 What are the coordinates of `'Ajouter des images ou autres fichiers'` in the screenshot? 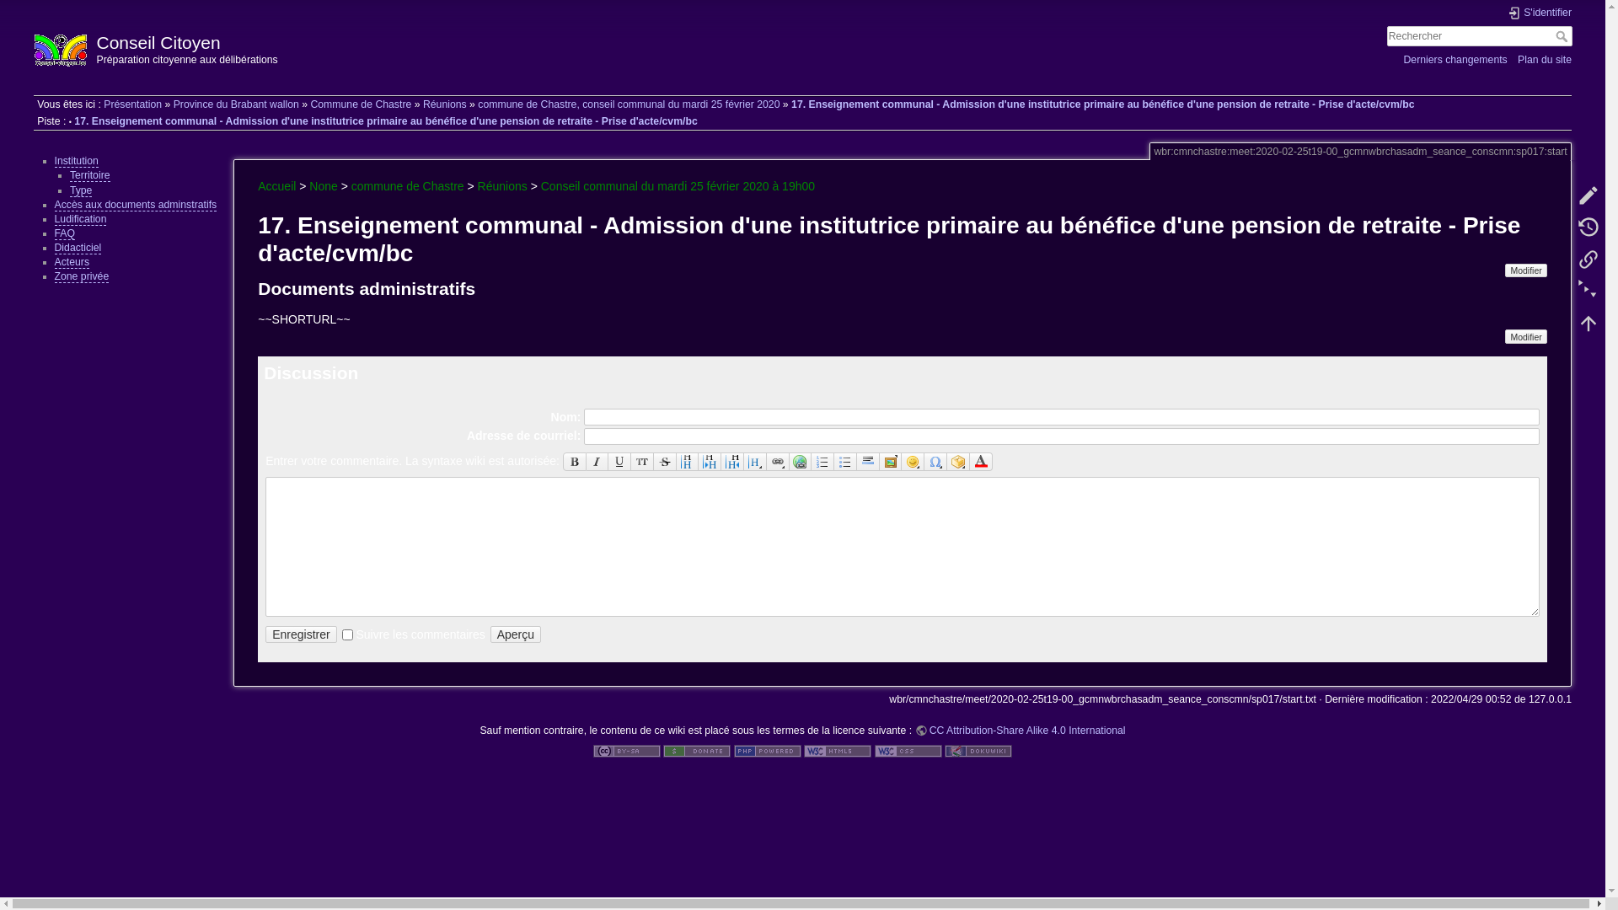 It's located at (890, 461).